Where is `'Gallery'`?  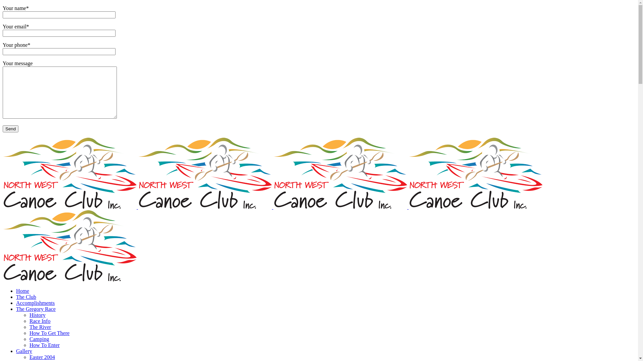
'Gallery' is located at coordinates (24, 351).